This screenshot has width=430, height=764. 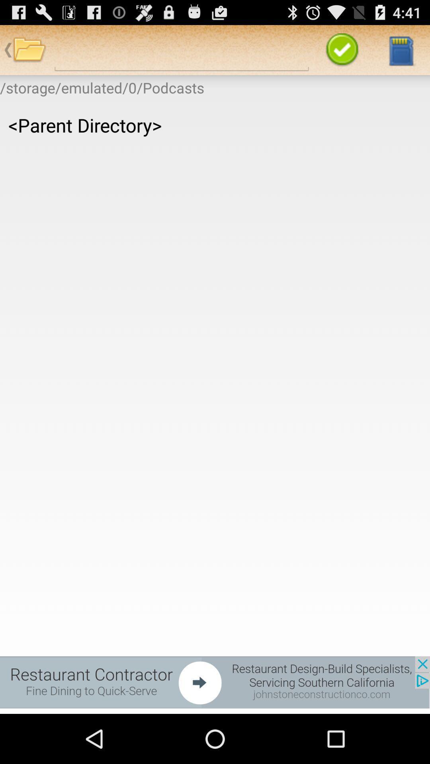 I want to click on click the advertisement, so click(x=215, y=682).